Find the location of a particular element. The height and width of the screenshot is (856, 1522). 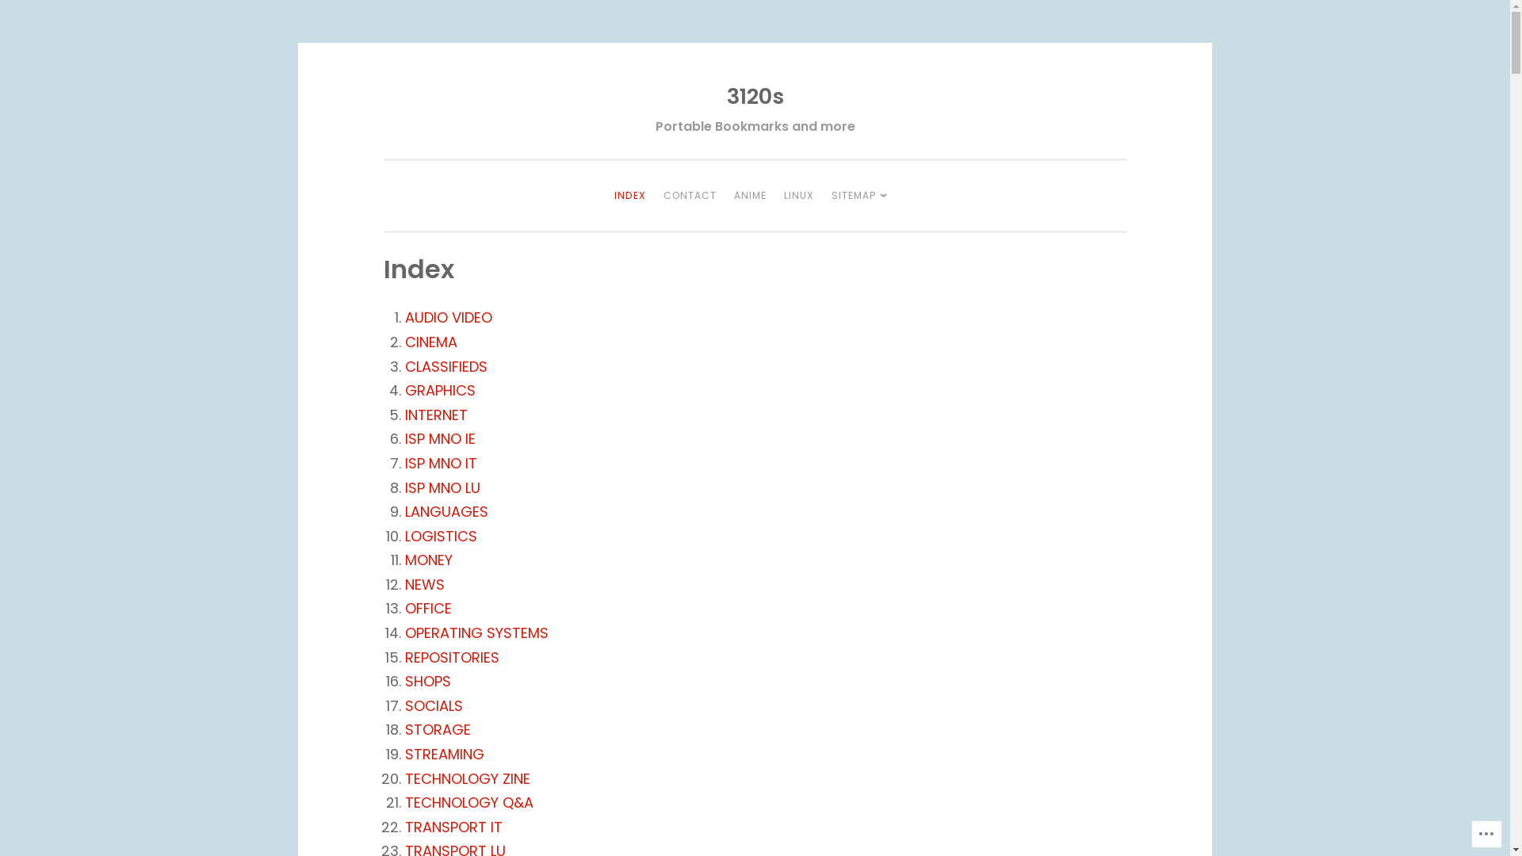

'GRAPHICS' is located at coordinates (440, 390).